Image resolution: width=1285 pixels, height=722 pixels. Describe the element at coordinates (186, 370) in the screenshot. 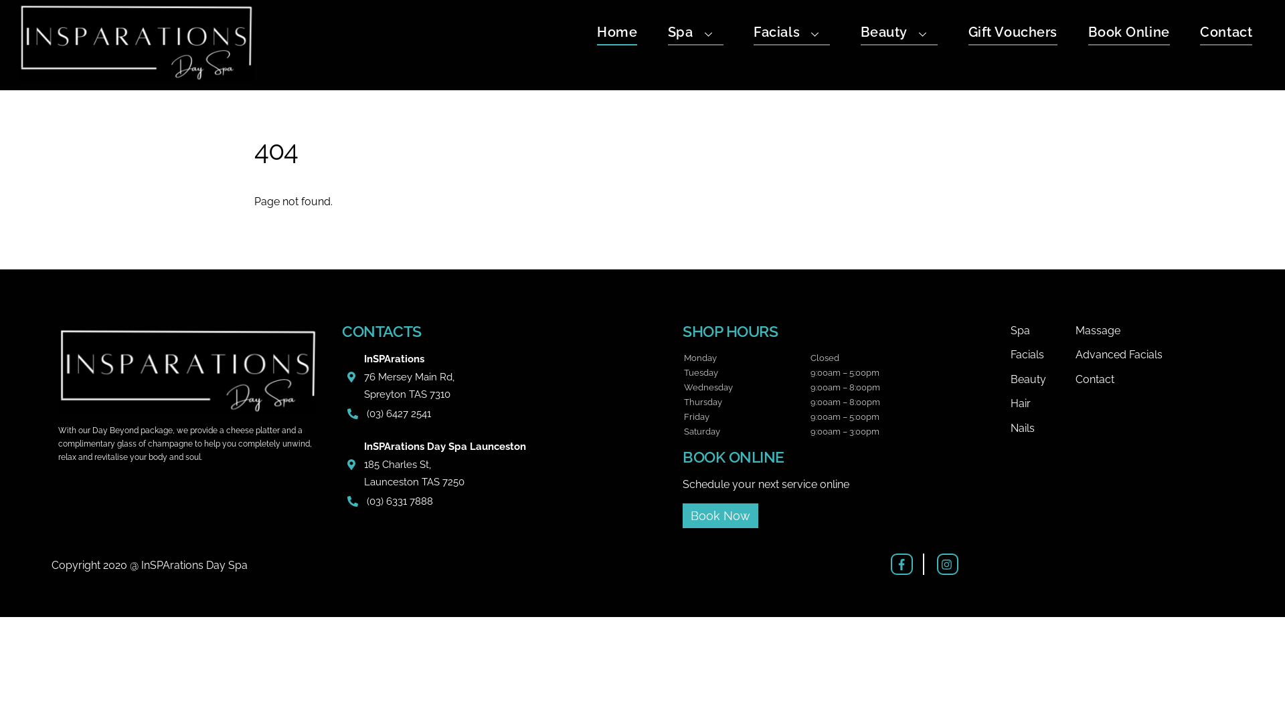

I see `'Insparations logo cr'` at that location.